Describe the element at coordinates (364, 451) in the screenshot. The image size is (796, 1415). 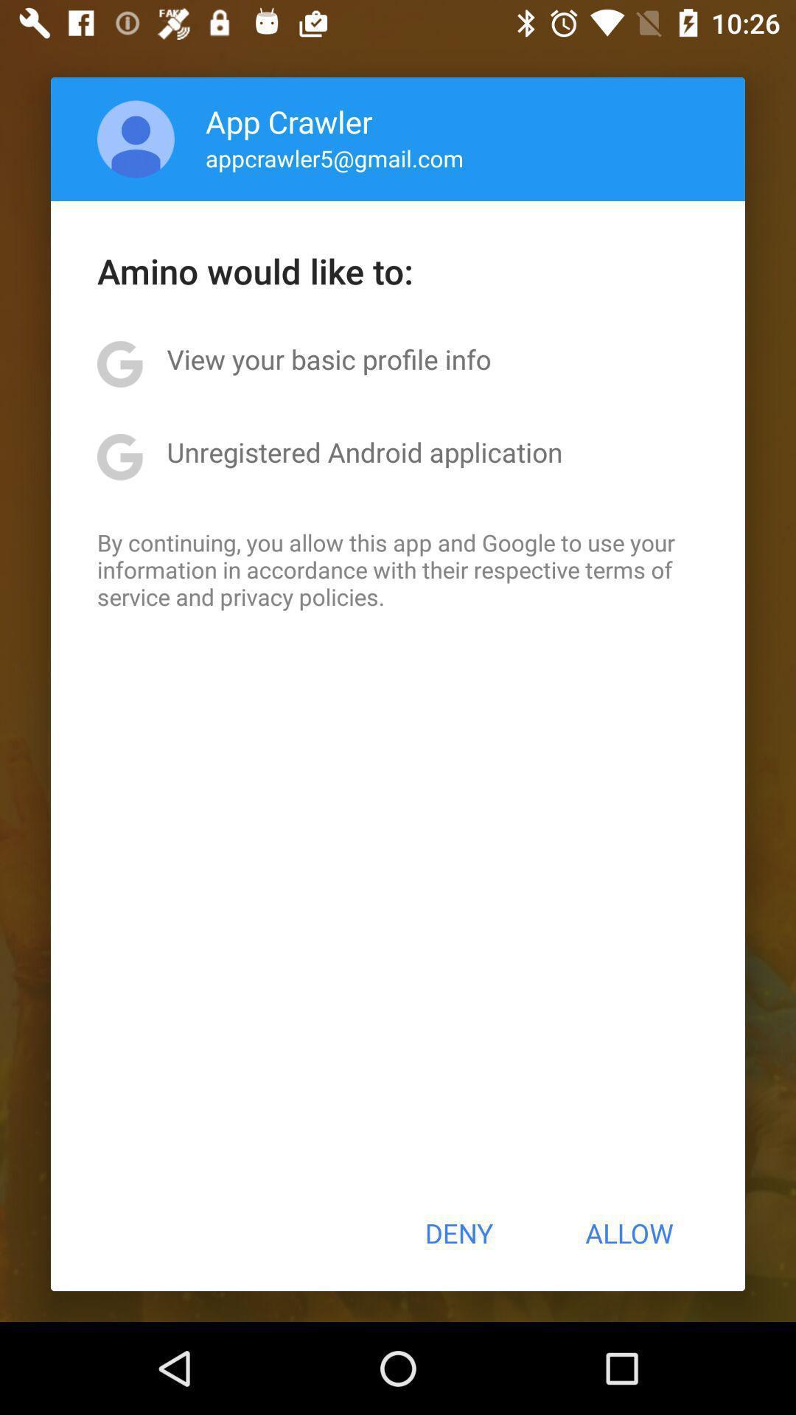
I see `the unregistered android application app` at that location.